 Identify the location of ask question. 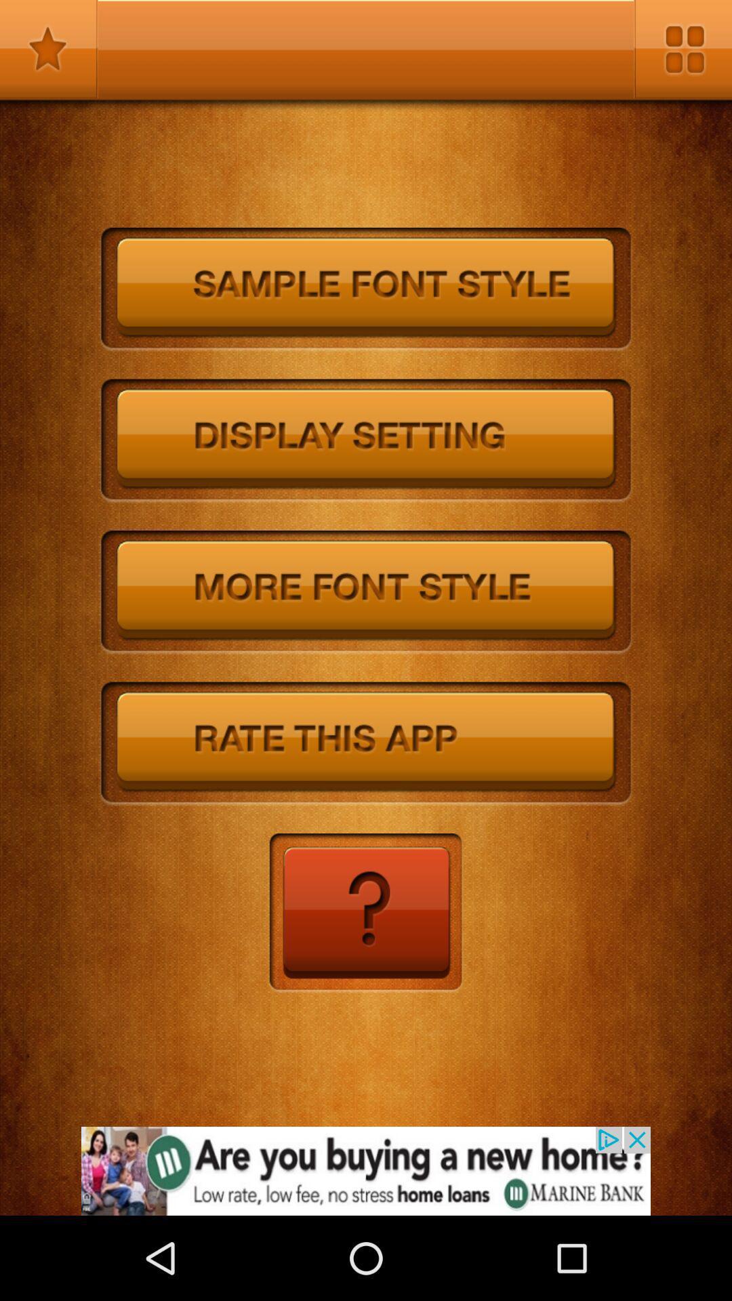
(365, 913).